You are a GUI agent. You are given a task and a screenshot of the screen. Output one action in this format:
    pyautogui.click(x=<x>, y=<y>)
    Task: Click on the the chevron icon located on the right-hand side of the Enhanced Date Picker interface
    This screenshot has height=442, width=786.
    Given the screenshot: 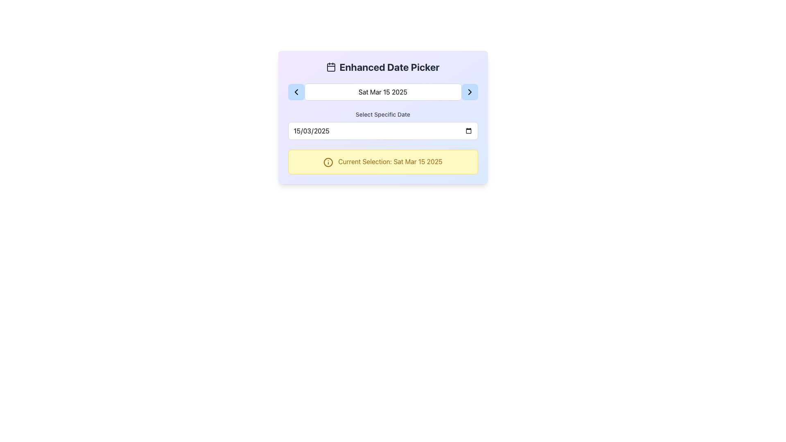 What is the action you would take?
    pyautogui.click(x=470, y=92)
    